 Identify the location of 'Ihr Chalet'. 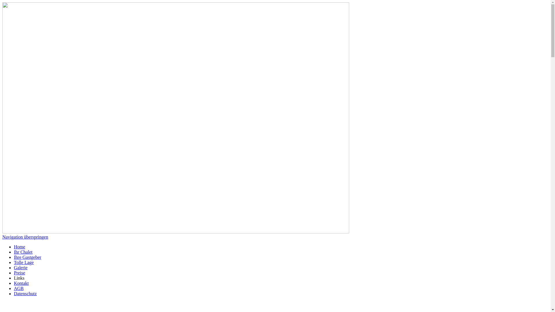
(14, 252).